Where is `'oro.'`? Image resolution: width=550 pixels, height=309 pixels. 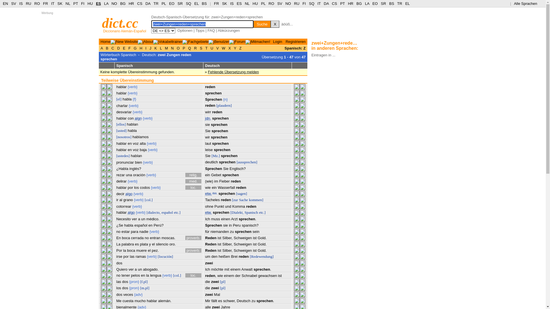 'oro.' is located at coordinates (169, 244).